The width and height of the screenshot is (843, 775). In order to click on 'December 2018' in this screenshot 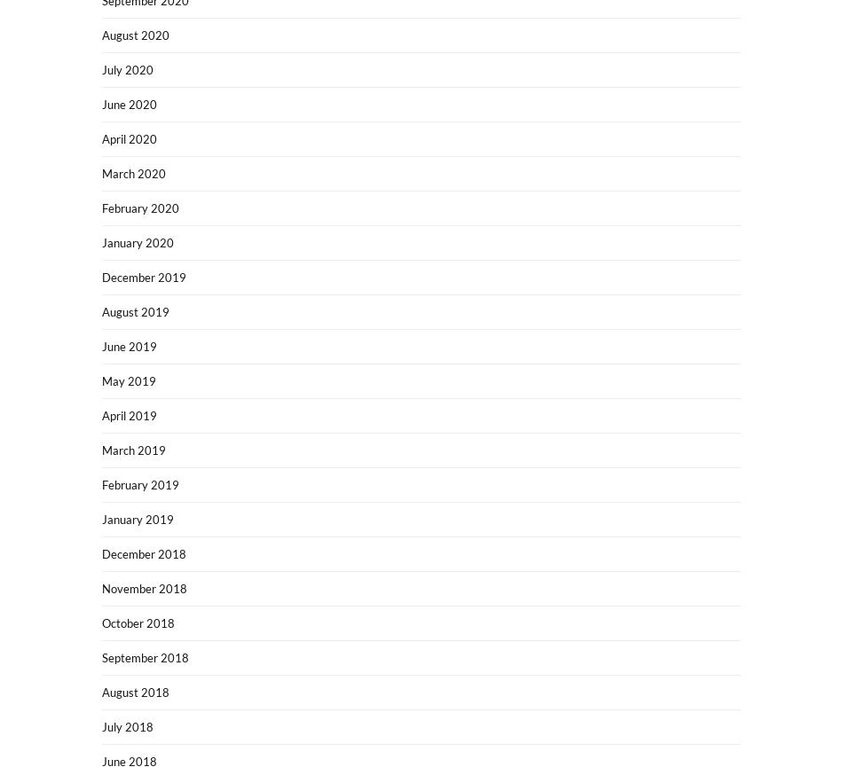, I will do `click(144, 552)`.